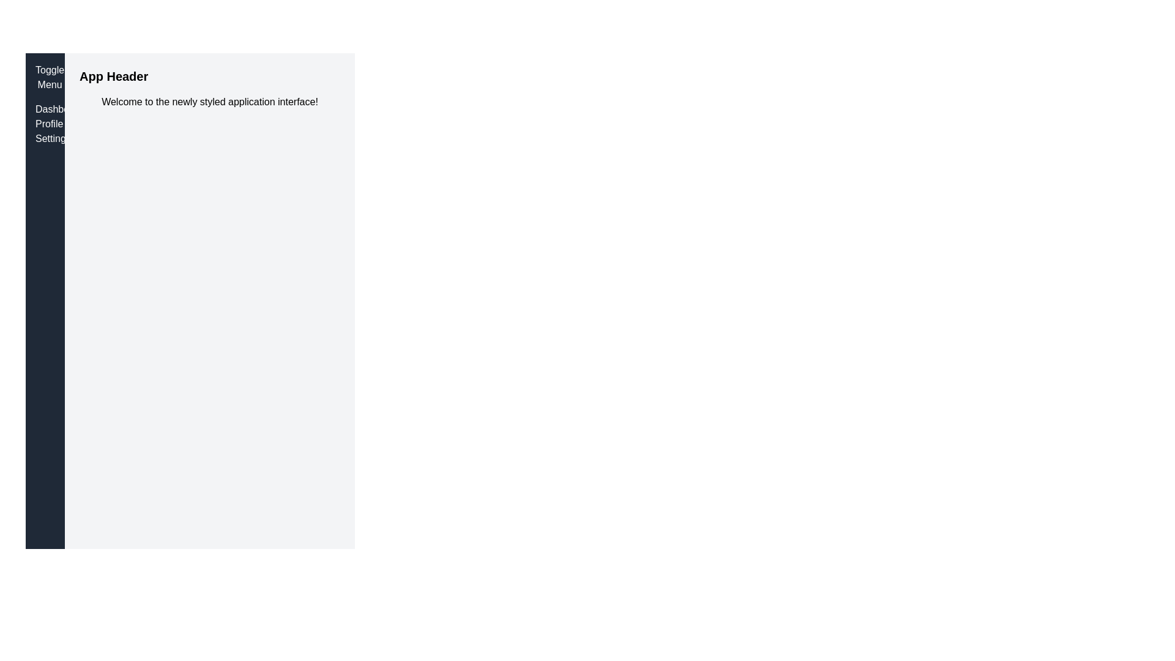 The width and height of the screenshot is (1175, 661). What do you see at coordinates (45, 124) in the screenshot?
I see `the 'Profile' text label in the sidebar, which is styled in white font on a dark background, if it functions as a link` at bounding box center [45, 124].